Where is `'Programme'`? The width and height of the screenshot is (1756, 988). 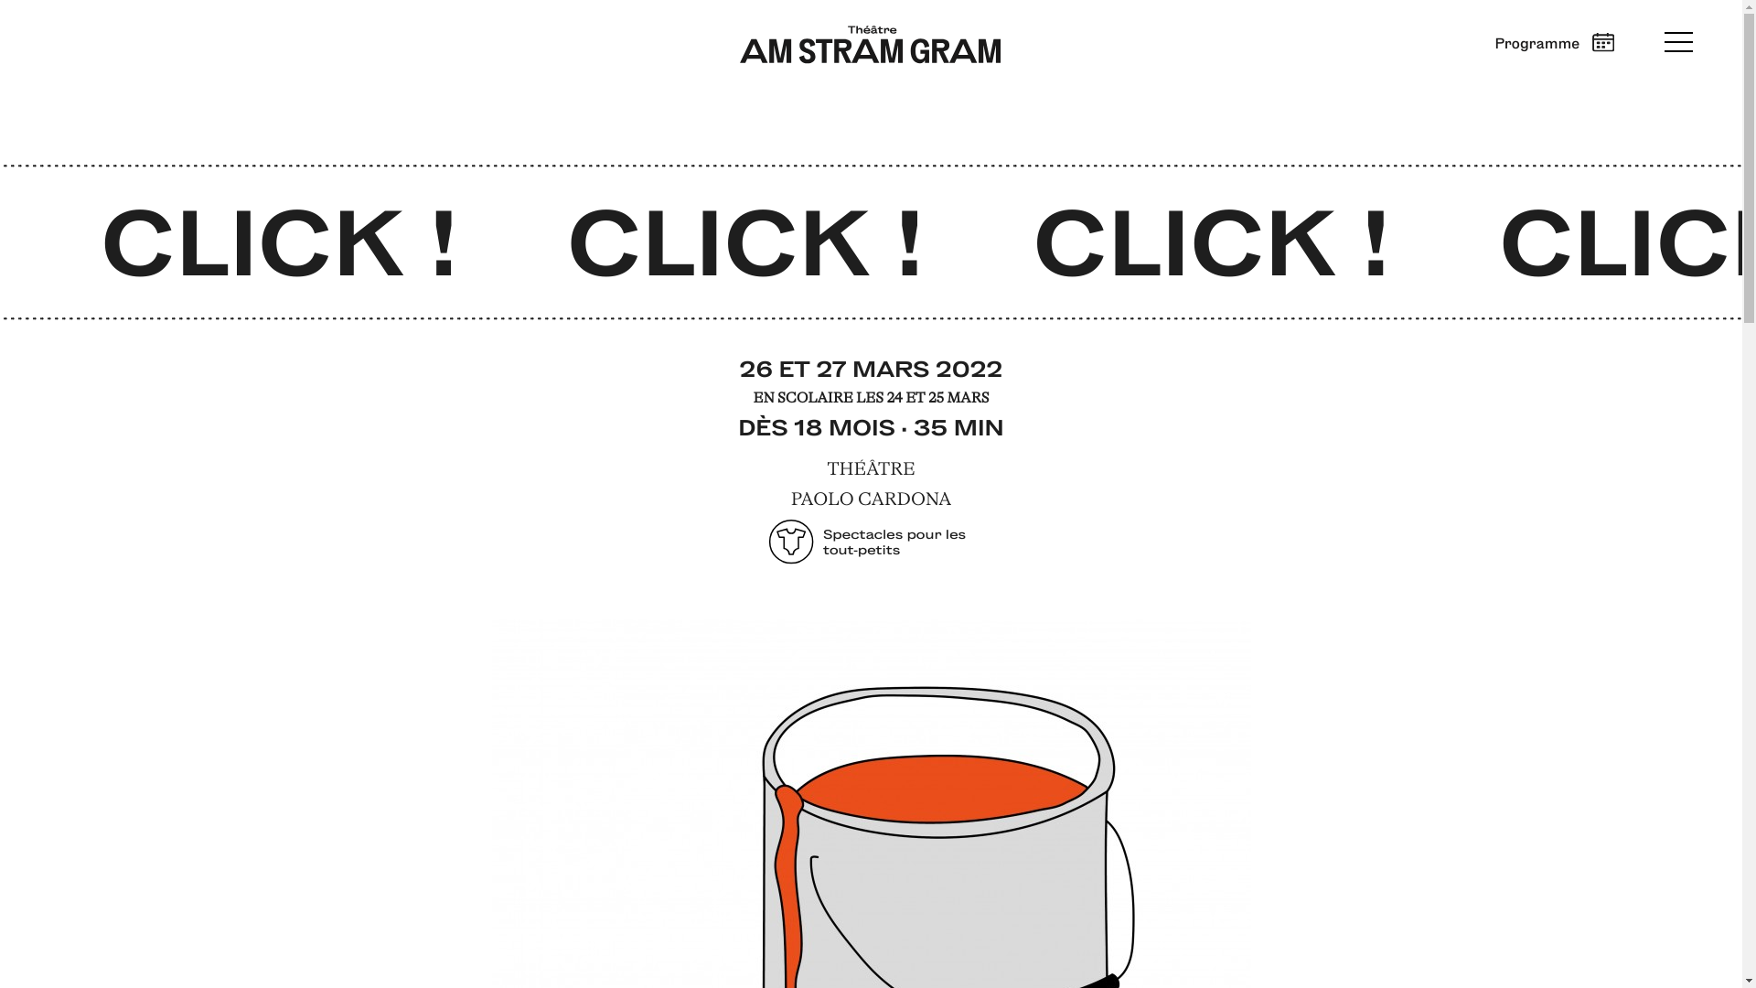
'Programme' is located at coordinates (1553, 41).